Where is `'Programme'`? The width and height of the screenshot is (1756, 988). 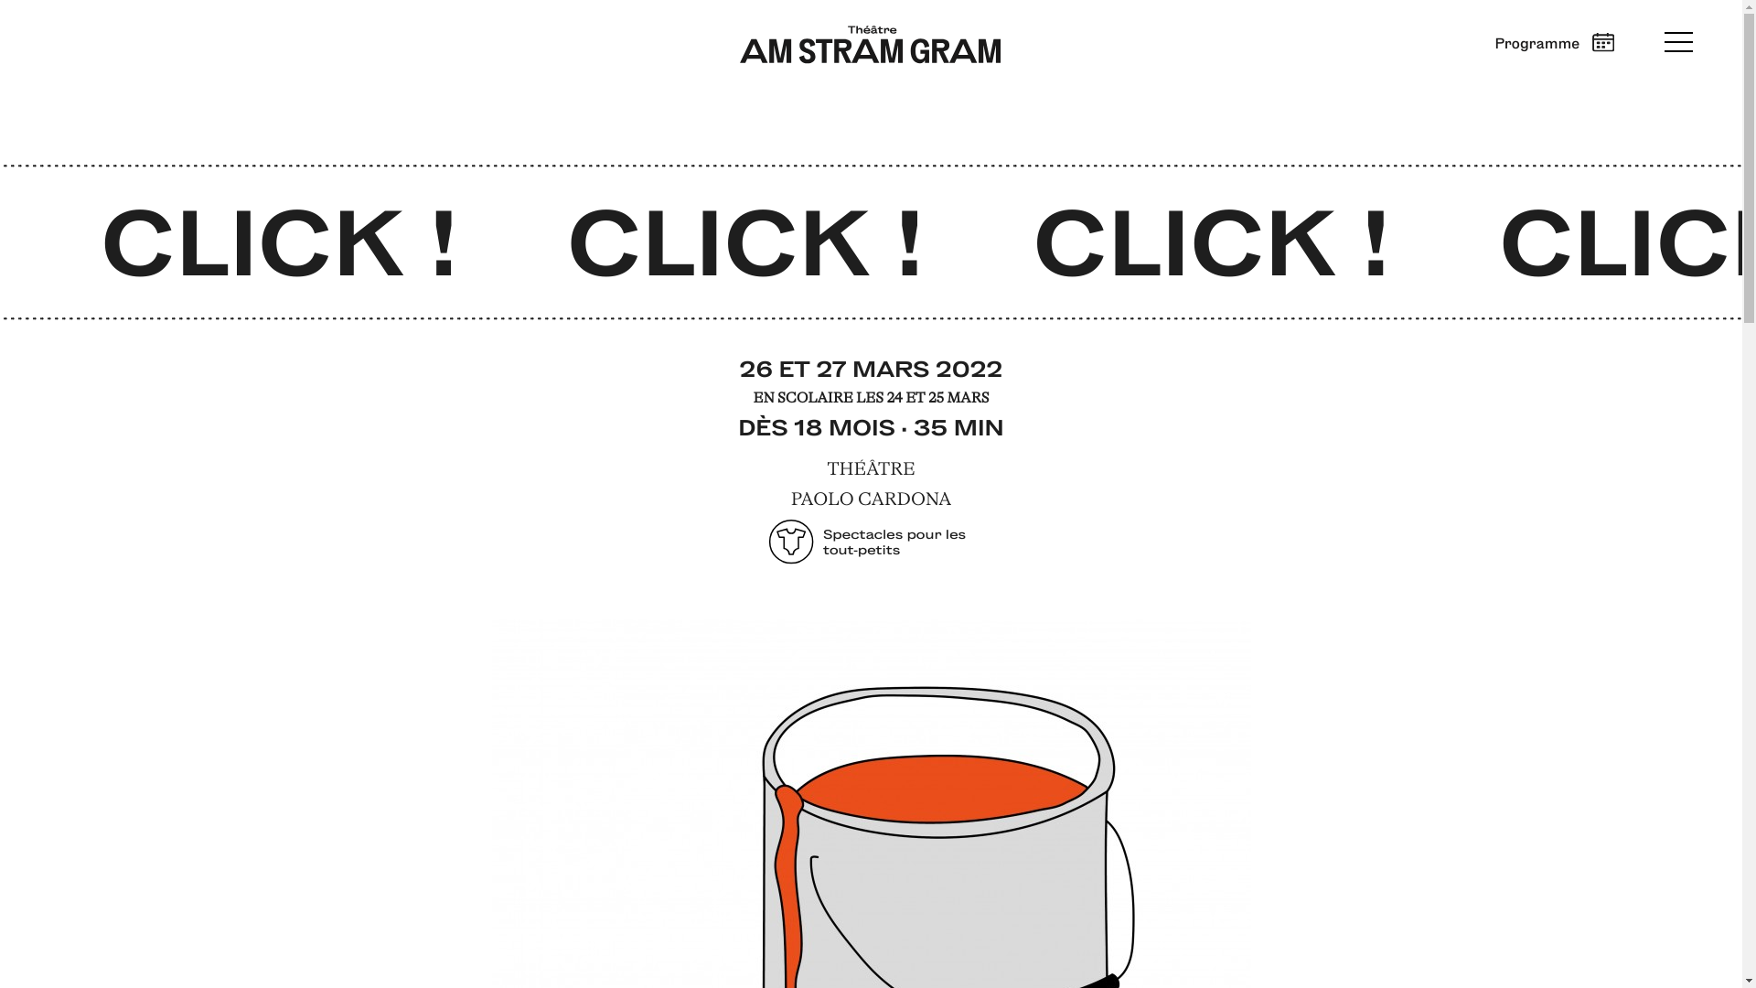
'Programme' is located at coordinates (1553, 41).